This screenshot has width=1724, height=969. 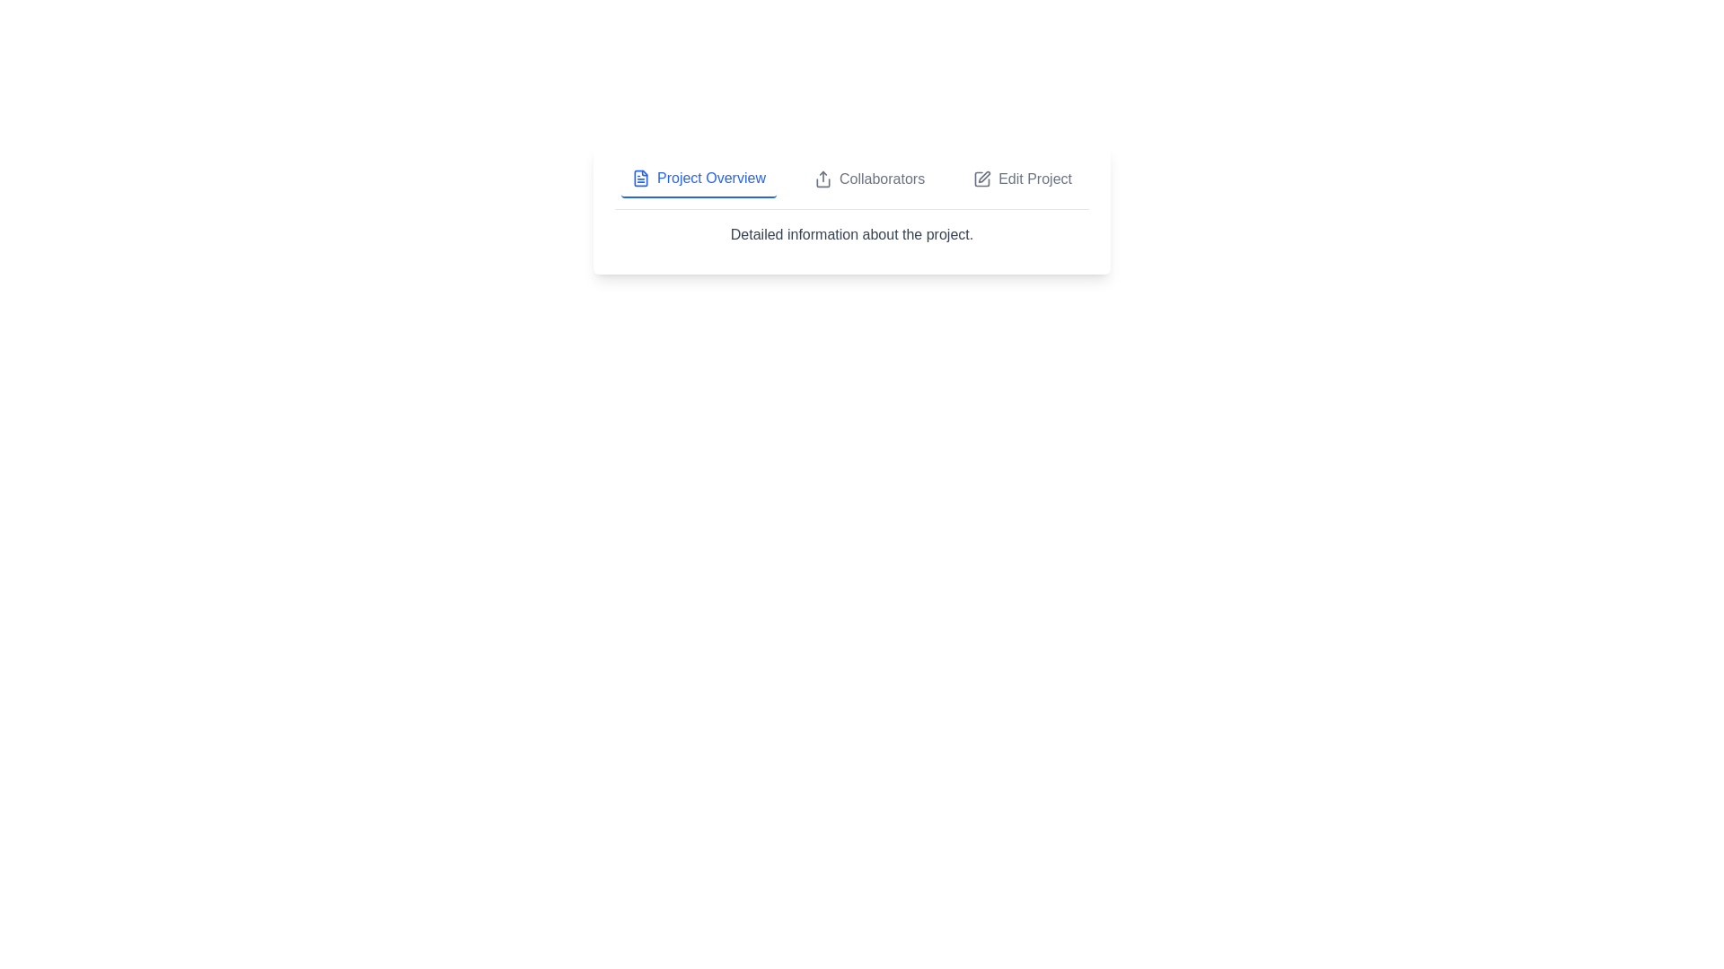 What do you see at coordinates (869, 179) in the screenshot?
I see `the Collaborators tab to view its content` at bounding box center [869, 179].